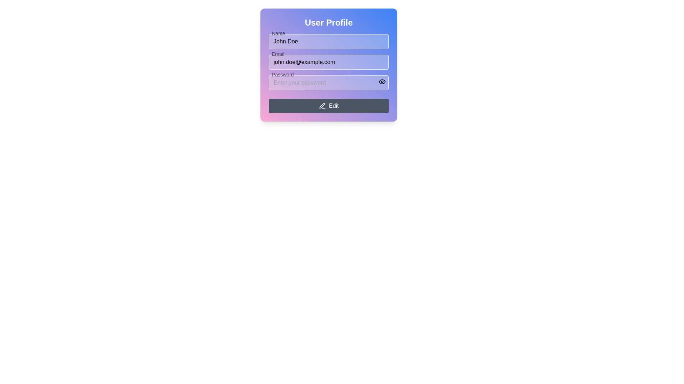 This screenshot has width=684, height=384. Describe the element at coordinates (322, 106) in the screenshot. I see `the pen icon within the 'Edit' button located in the footer of the 'User Profile' panel` at that location.